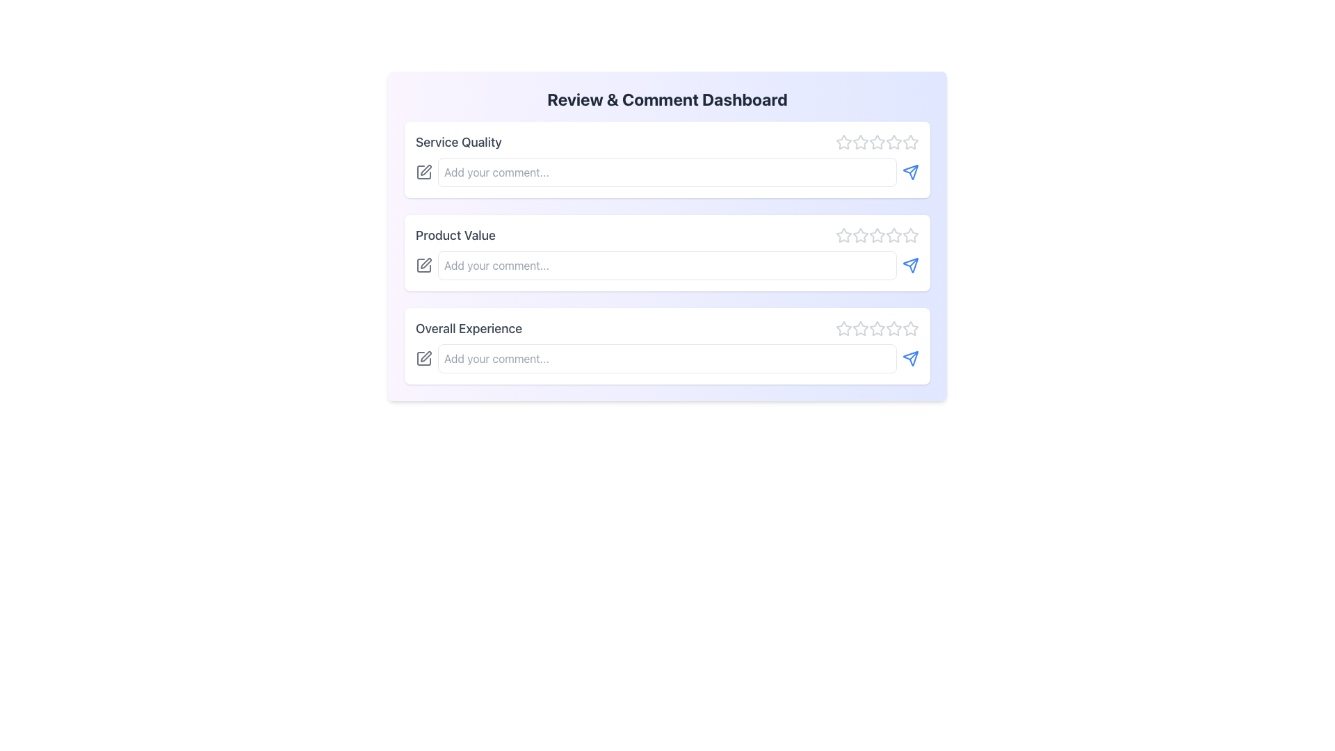 The image size is (1335, 751). Describe the element at coordinates (667, 265) in the screenshot. I see `the input field labeled 'Add your comment...' in the Comment Input Section of the 'Product Value' card to trigger a tooltip or other interaction` at that location.